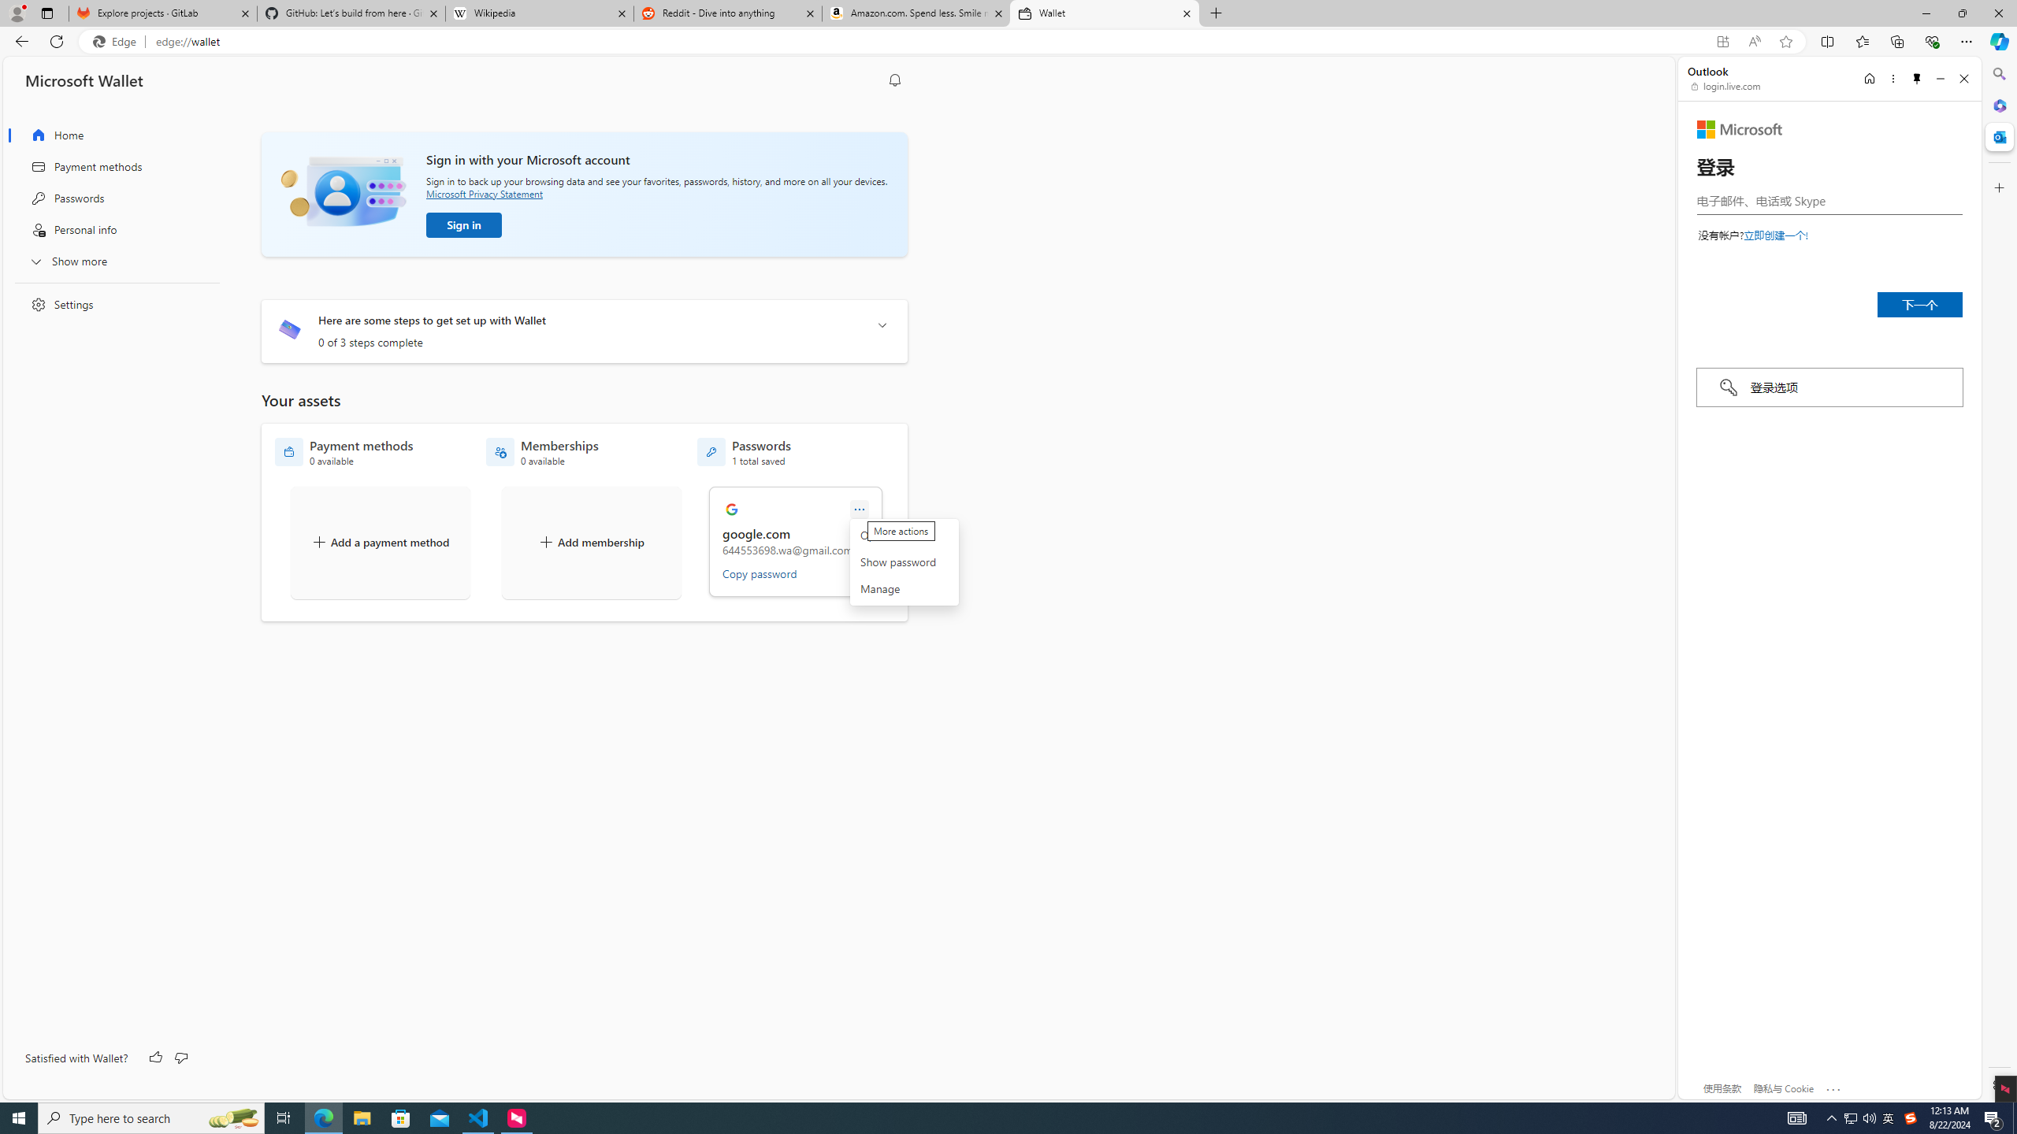 The width and height of the screenshot is (2017, 1134). What do you see at coordinates (112, 229) in the screenshot?
I see `'Personal info'` at bounding box center [112, 229].